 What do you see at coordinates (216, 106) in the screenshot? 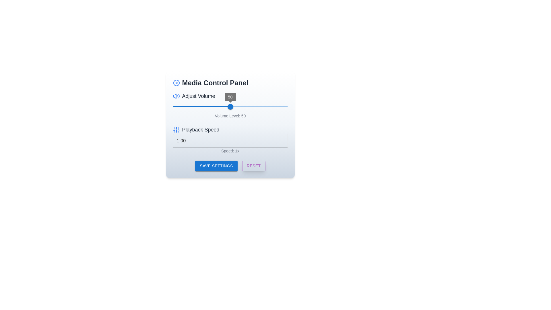
I see `volume` at bounding box center [216, 106].